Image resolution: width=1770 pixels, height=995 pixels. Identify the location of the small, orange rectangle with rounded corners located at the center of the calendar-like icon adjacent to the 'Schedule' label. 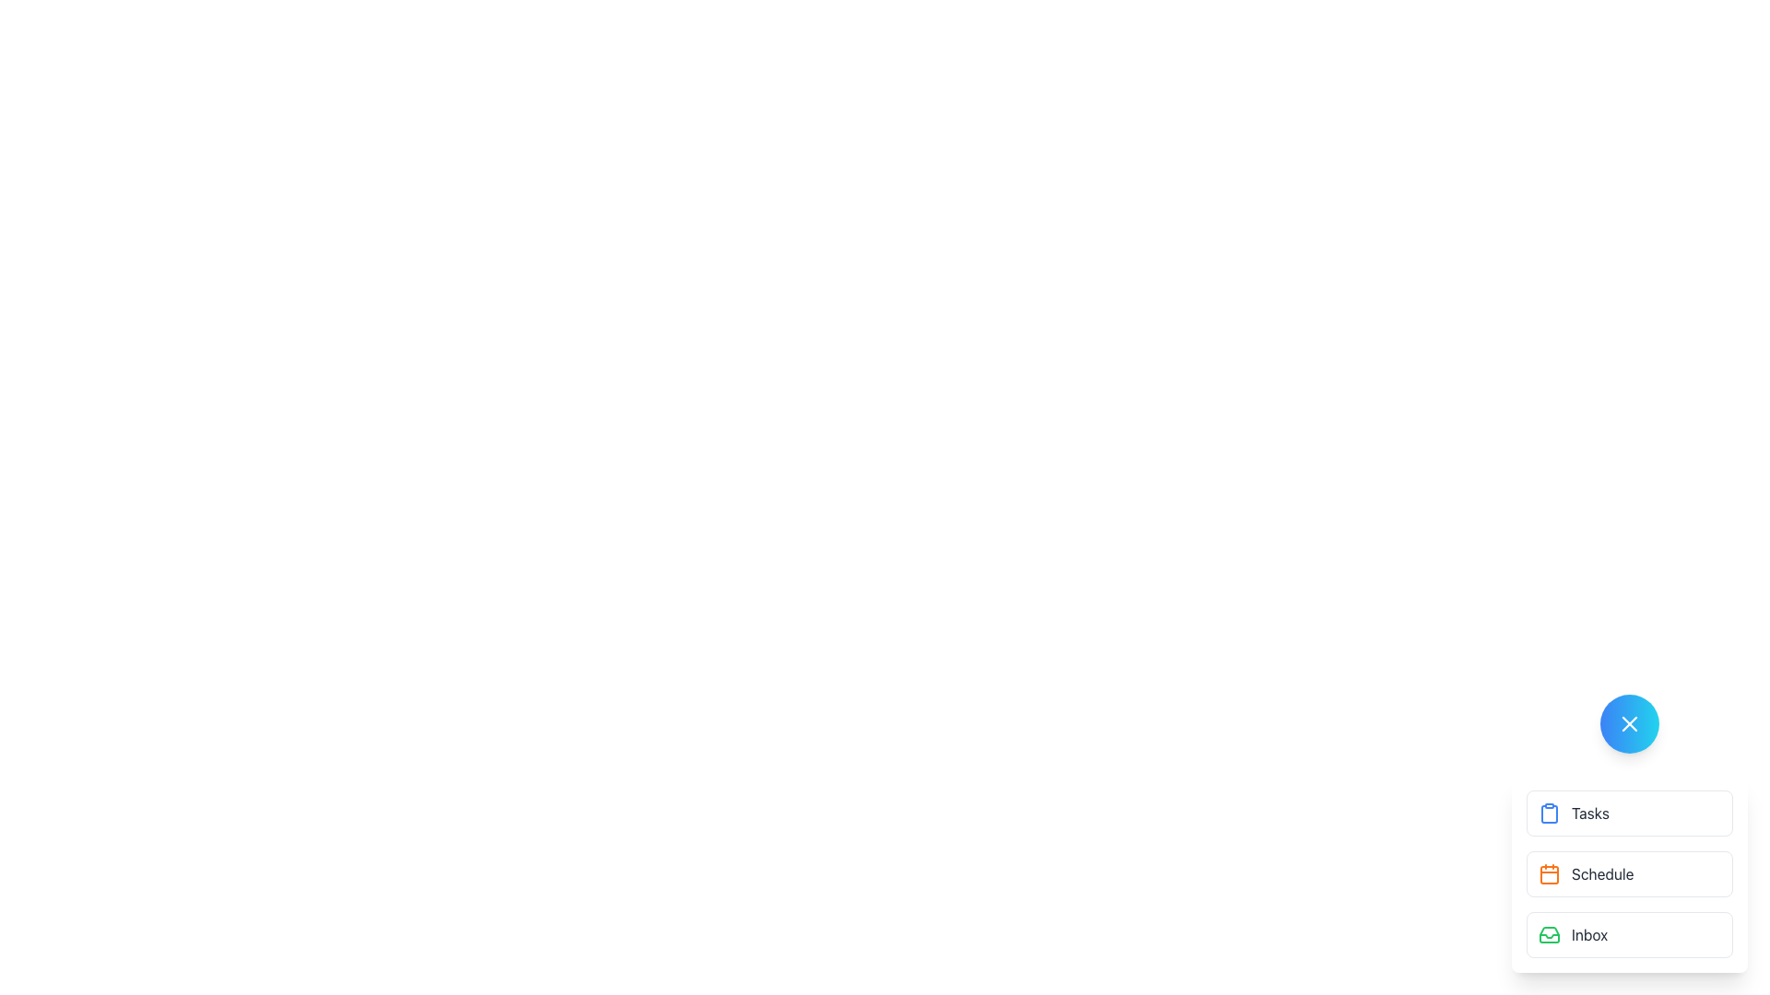
(1549, 873).